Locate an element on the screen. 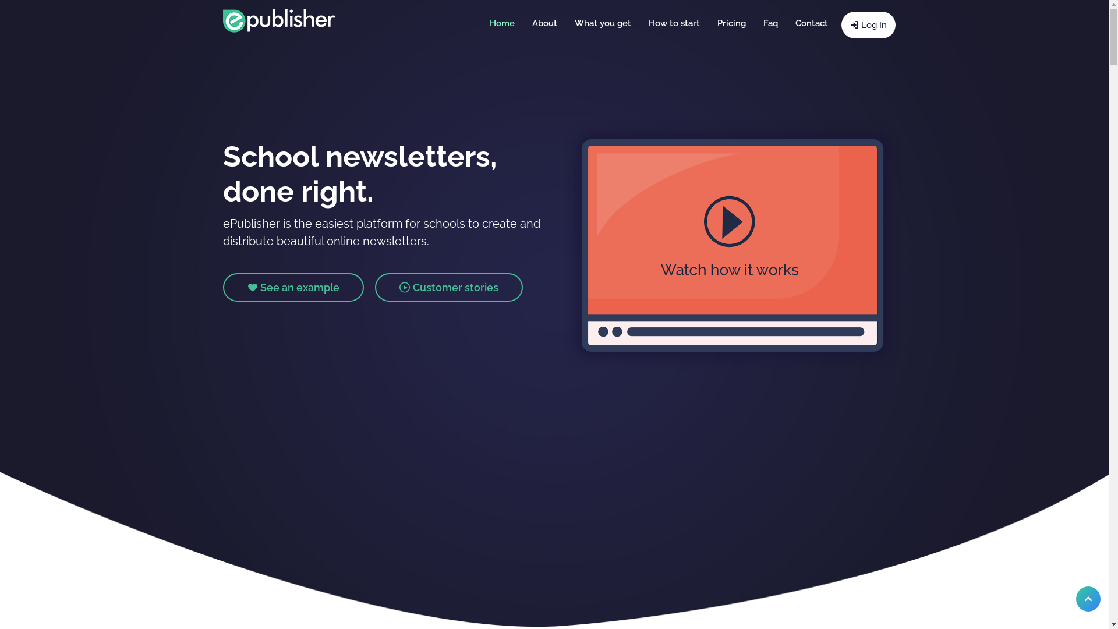 Image resolution: width=1118 pixels, height=629 pixels. 'Pricing' is located at coordinates (730, 23).